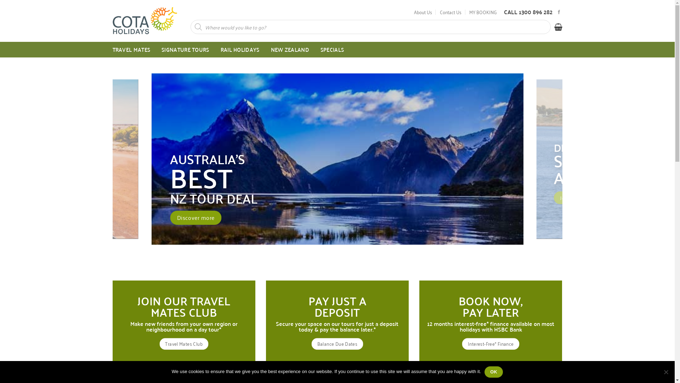 The height and width of the screenshot is (383, 680). I want to click on 'TRAVEL MATES', so click(131, 49).